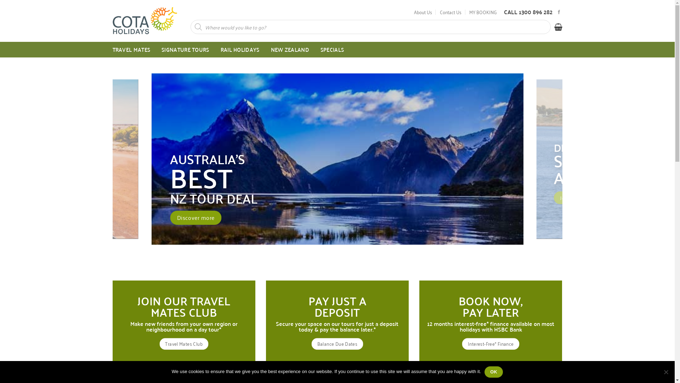 The height and width of the screenshot is (383, 680). I want to click on 'TRAVEL MATES', so click(131, 49).